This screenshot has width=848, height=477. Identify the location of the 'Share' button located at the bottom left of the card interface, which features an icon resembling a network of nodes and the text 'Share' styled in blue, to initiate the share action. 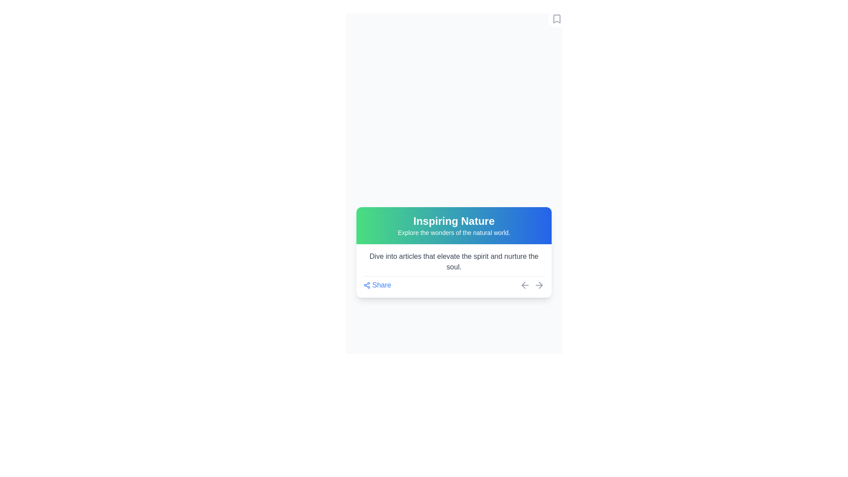
(377, 285).